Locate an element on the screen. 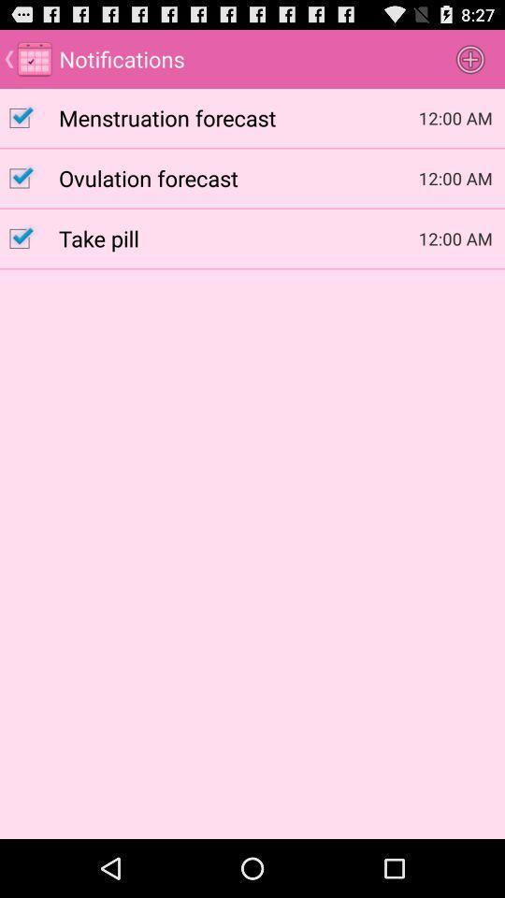 The width and height of the screenshot is (505, 898). notification is located at coordinates (28, 117).